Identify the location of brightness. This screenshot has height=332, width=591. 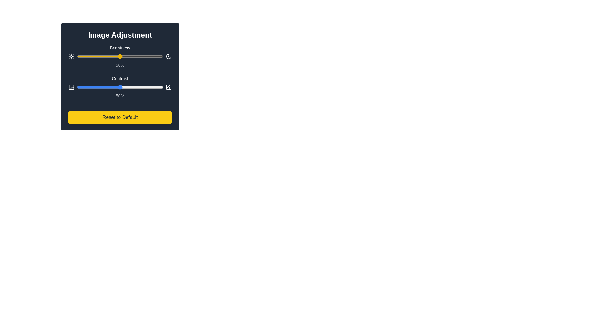
(143, 57).